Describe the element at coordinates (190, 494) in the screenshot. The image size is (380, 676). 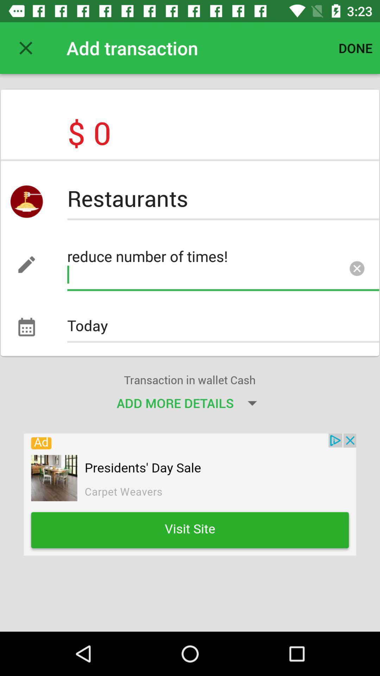
I see `banner advertisement` at that location.